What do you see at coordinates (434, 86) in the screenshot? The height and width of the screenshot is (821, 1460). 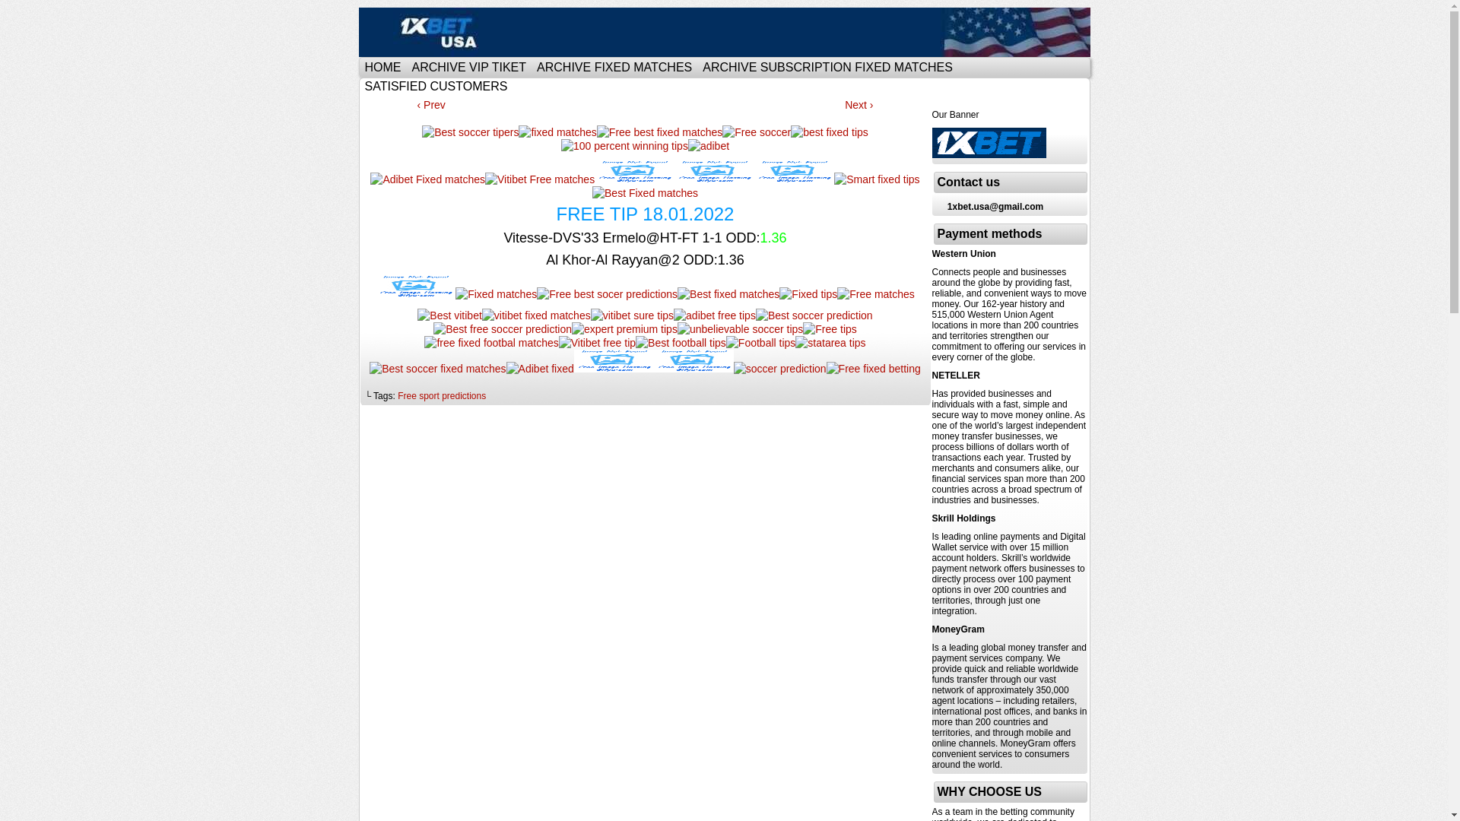 I see `'SATISFIED CUSTOMERS'` at bounding box center [434, 86].